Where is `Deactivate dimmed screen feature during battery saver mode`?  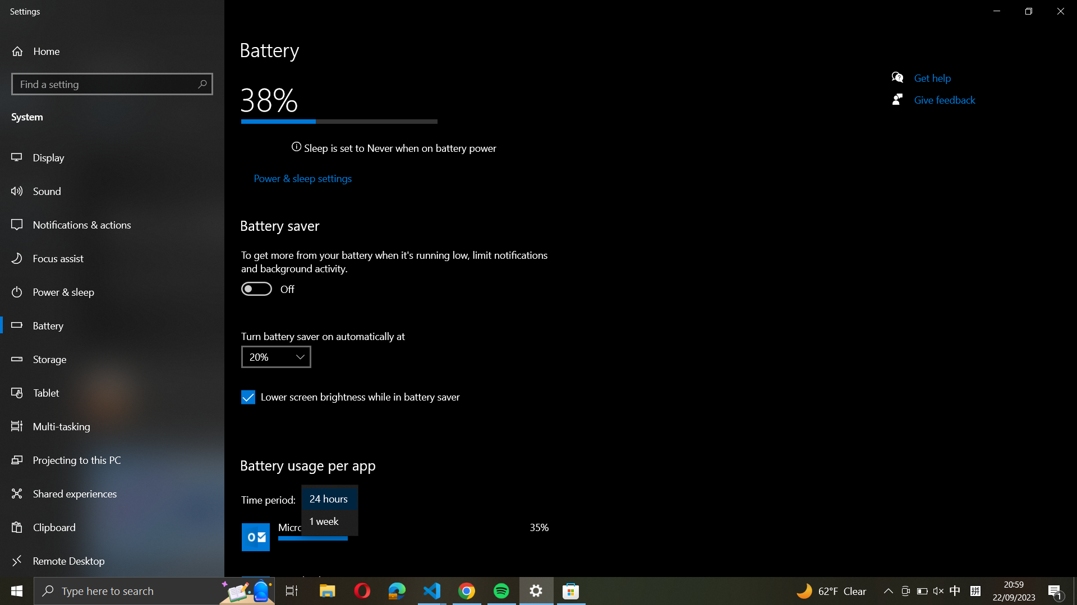
Deactivate dimmed screen feature during battery saver mode is located at coordinates (247, 397).